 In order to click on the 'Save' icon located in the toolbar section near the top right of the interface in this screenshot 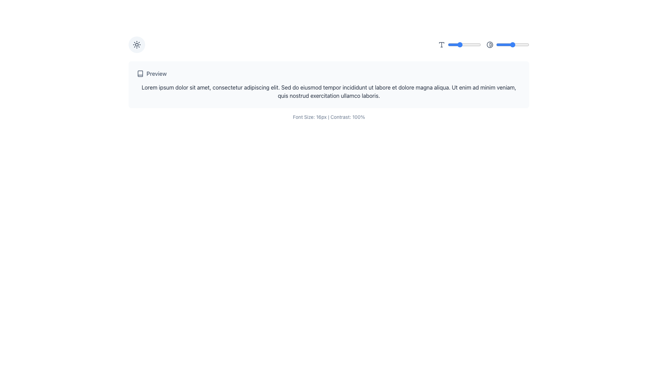, I will do `click(506, 46)`.